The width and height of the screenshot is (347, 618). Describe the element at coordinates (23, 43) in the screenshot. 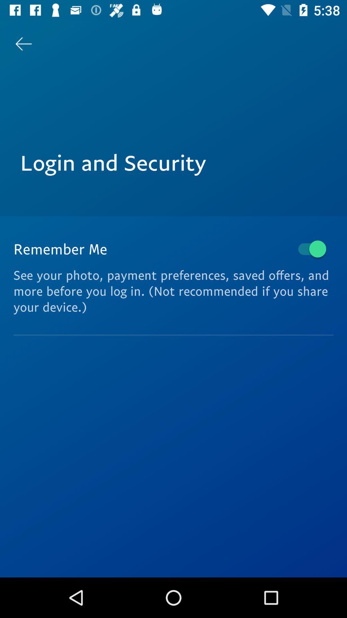

I see `item at the top left corner` at that location.